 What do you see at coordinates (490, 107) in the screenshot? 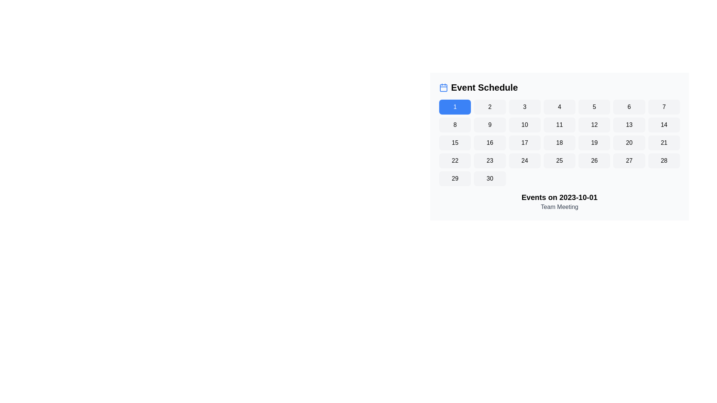
I see `the button for selecting the date corresponding to '2' in the calendar, located in the first row and second column beneath the 'Event Schedule' heading` at bounding box center [490, 107].